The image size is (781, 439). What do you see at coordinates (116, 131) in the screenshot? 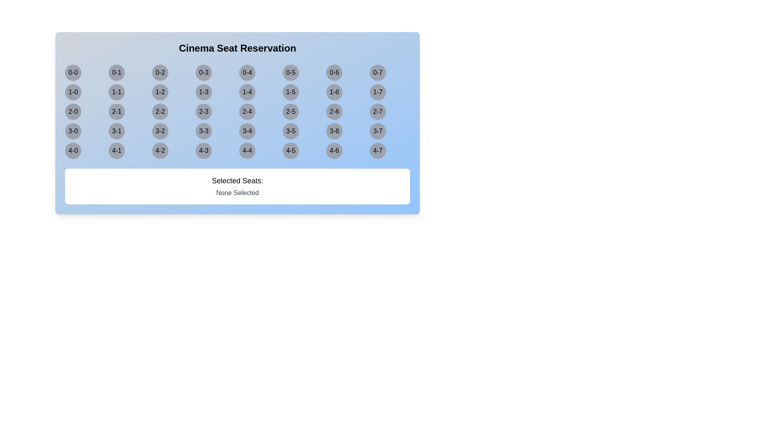
I see `the selectable seat button located in the second column of the fourth row in the cinema seat reservation interface` at bounding box center [116, 131].